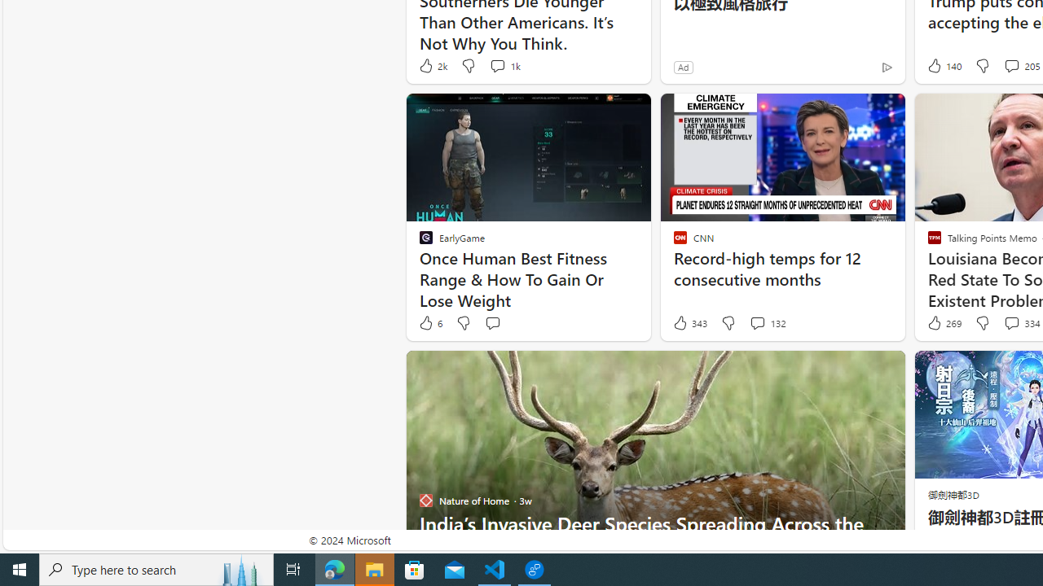  What do you see at coordinates (429, 323) in the screenshot?
I see `'6 Like'` at bounding box center [429, 323].